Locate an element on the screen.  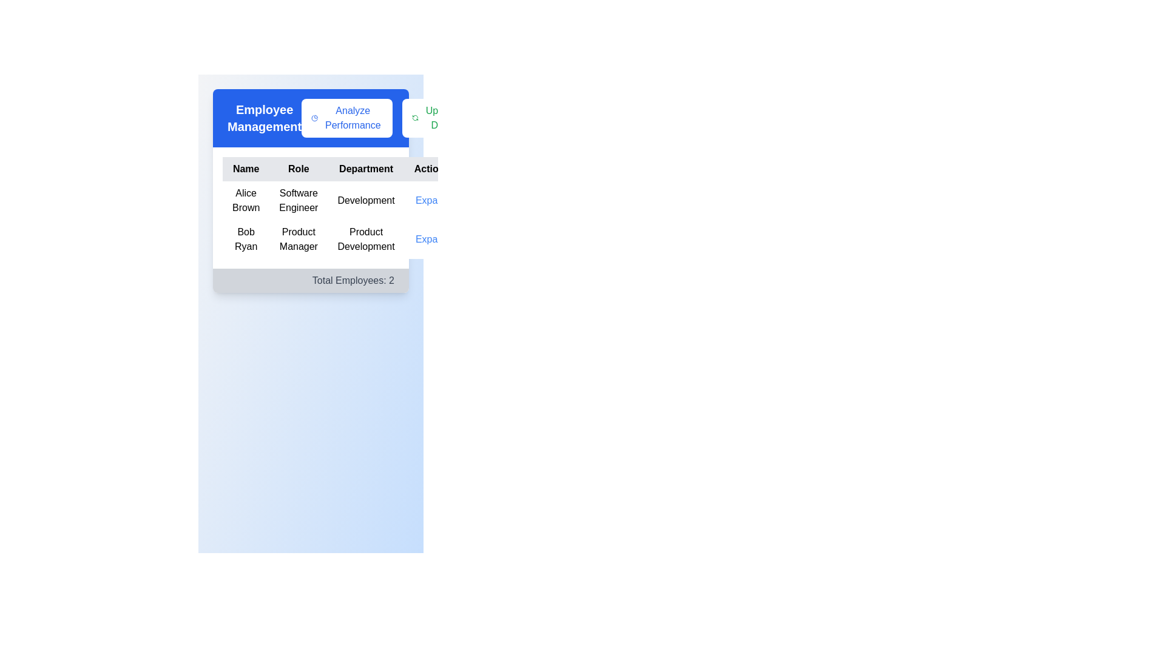
the 'Department' label, which is styled in bold black text on a light gray background and positioned in the third column header of the table between 'Role' and 'Actions' is located at coordinates (365, 169).